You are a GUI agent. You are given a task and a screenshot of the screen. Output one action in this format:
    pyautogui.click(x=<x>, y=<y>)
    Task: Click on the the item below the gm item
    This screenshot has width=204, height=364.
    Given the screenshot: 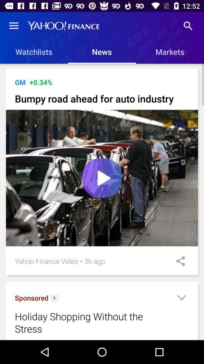 What is the action you would take?
    pyautogui.click(x=102, y=98)
    